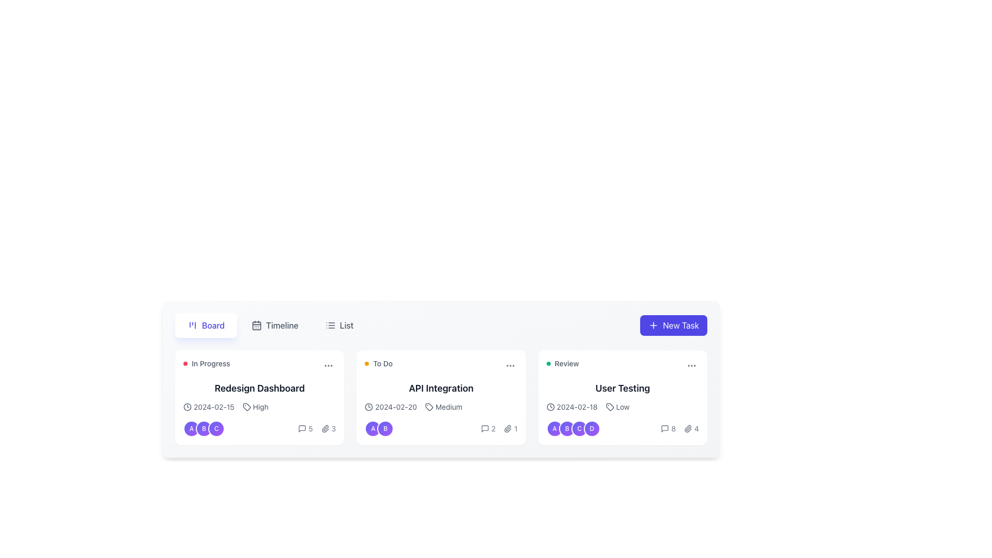 This screenshot has height=558, width=992. What do you see at coordinates (665, 428) in the screenshot?
I see `the messaging icon within the 'User Testing' task card` at bounding box center [665, 428].